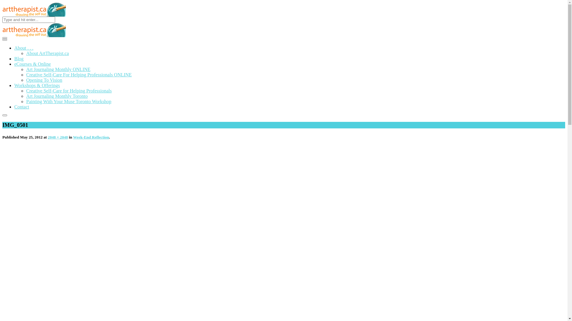  I want to click on 'ArtTherapist.ca', so click(34, 9).